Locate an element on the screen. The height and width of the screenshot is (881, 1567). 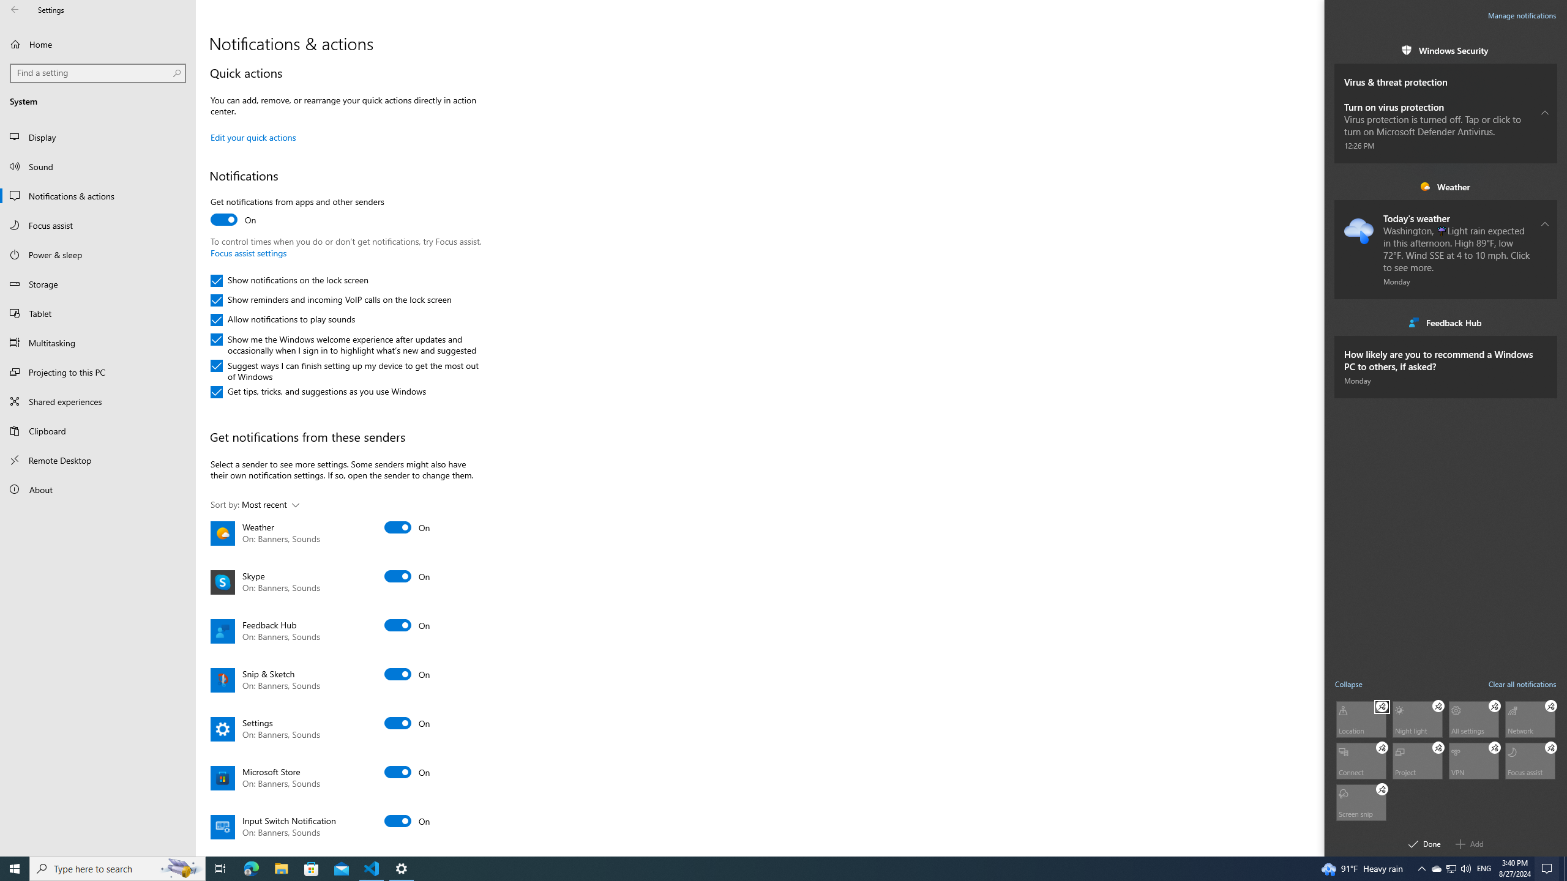
'File Explorer' is located at coordinates (280, 868).